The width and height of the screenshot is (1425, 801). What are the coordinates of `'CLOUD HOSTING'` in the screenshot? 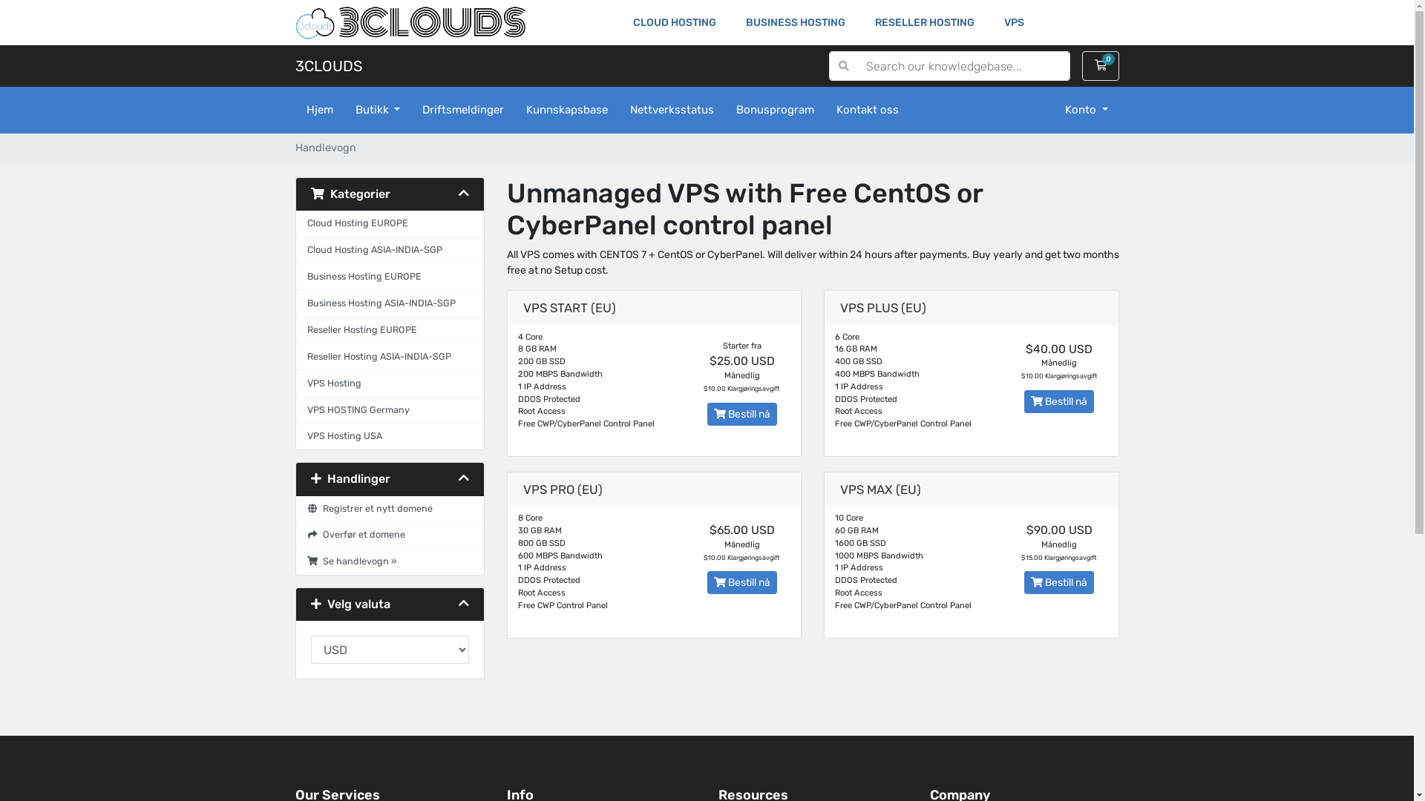 It's located at (673, 22).